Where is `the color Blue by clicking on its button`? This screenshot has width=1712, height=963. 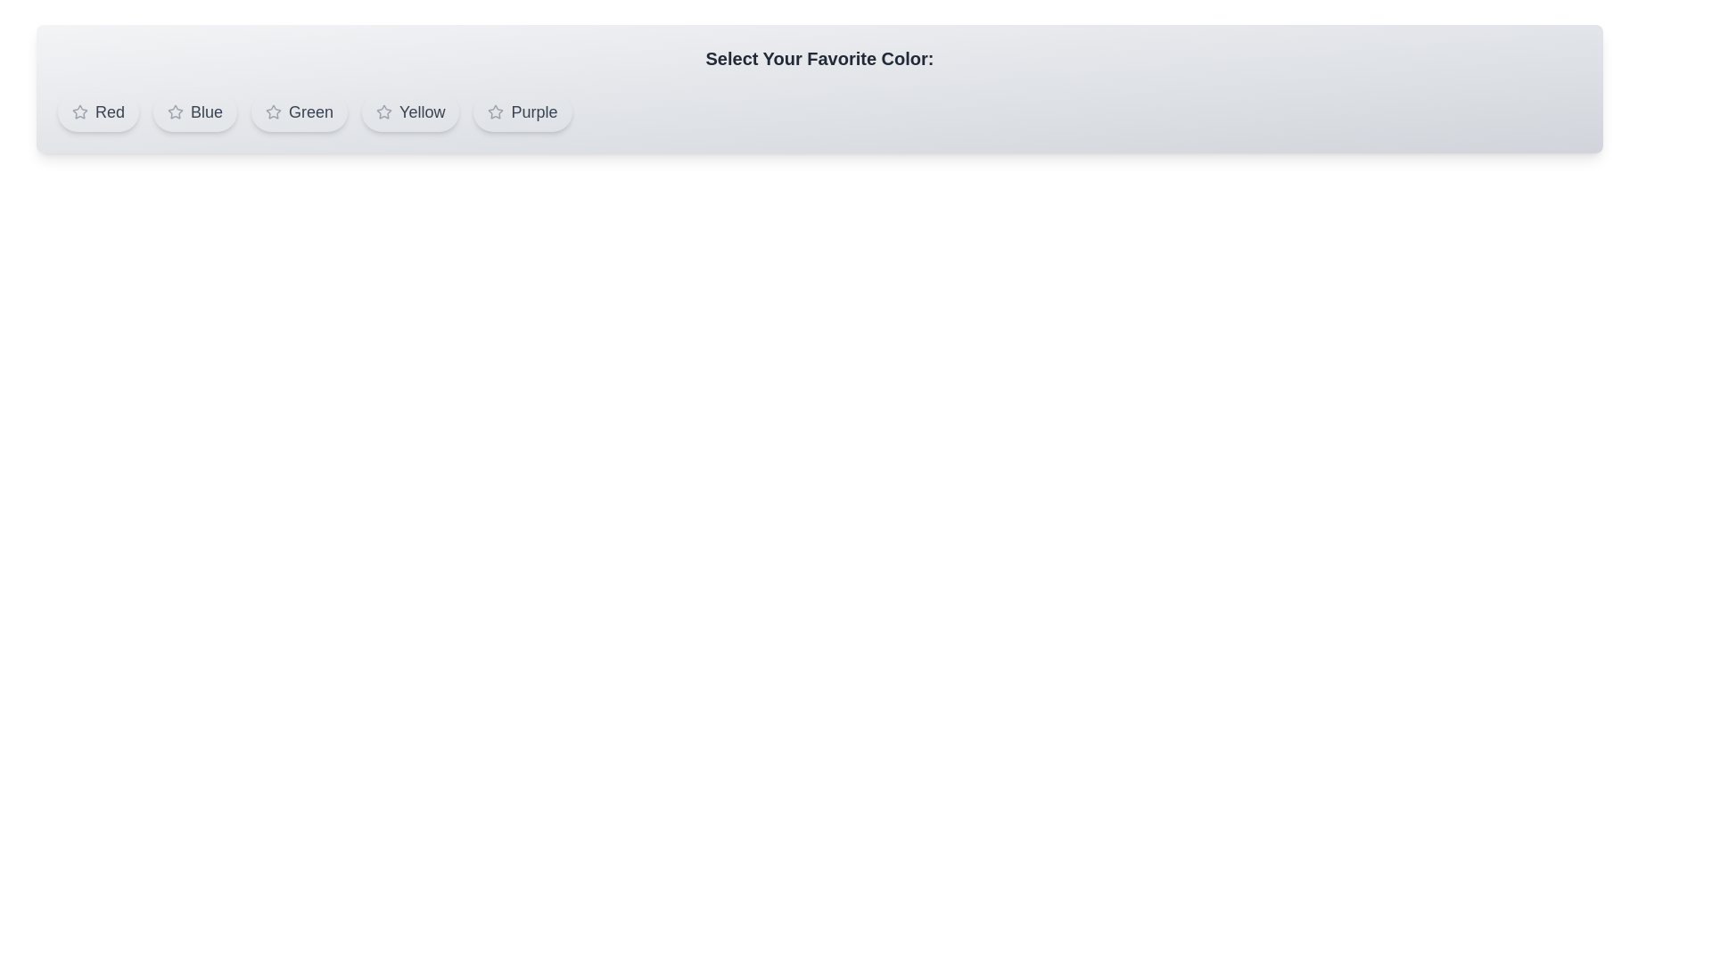
the color Blue by clicking on its button is located at coordinates (195, 112).